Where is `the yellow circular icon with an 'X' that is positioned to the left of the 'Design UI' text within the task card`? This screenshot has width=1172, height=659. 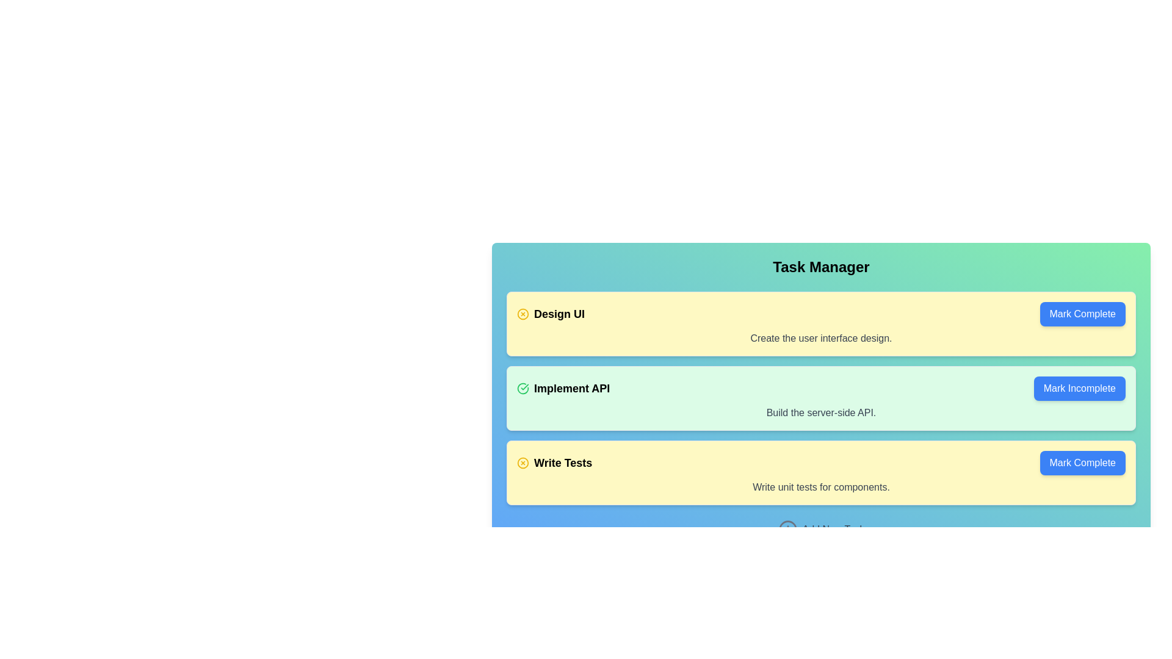
the yellow circular icon with an 'X' that is positioned to the left of the 'Design UI' text within the task card is located at coordinates (523, 314).